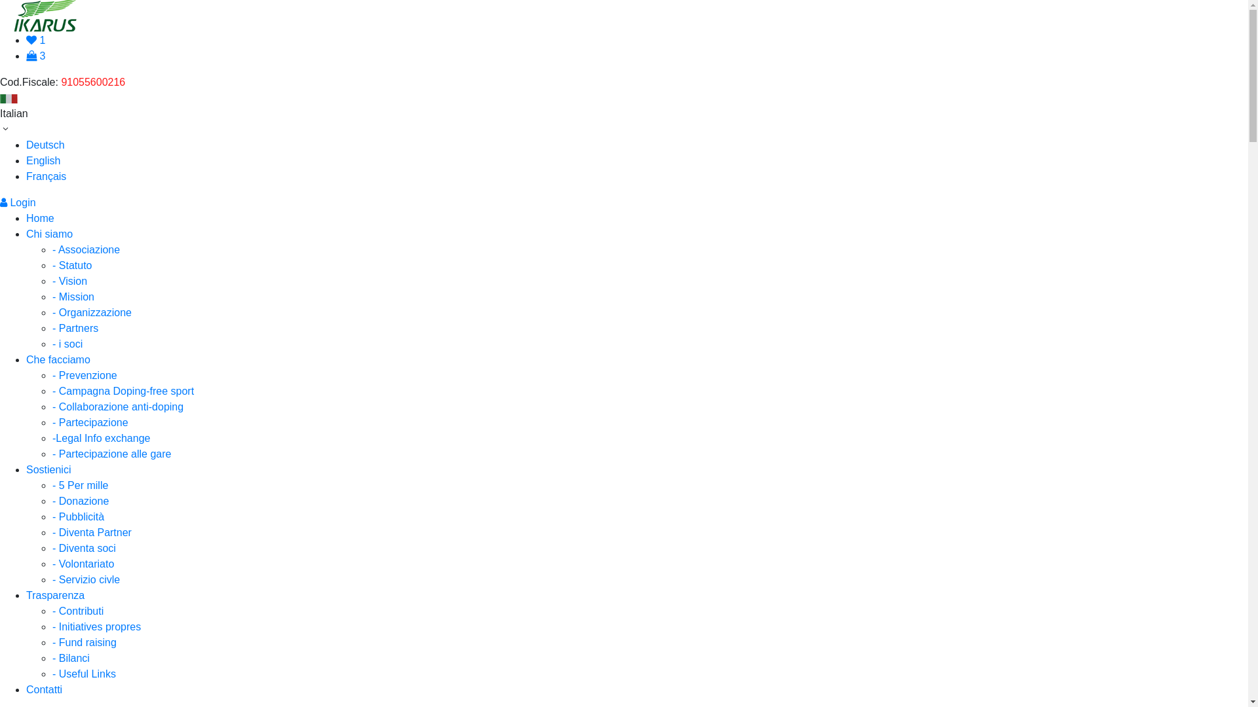 This screenshot has height=707, width=1258. What do you see at coordinates (71, 265) in the screenshot?
I see `'- Statuto'` at bounding box center [71, 265].